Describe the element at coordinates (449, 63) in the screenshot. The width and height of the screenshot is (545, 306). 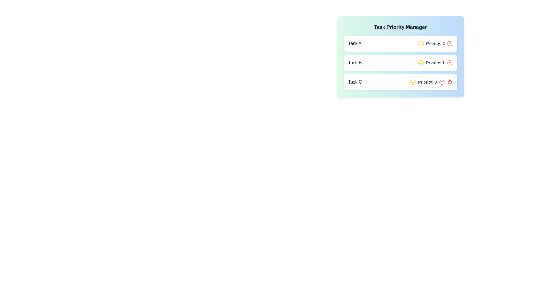
I see `the icon representing an upward priority adjustment for Task B, located adjacent to the text 'Priority: 1'` at that location.